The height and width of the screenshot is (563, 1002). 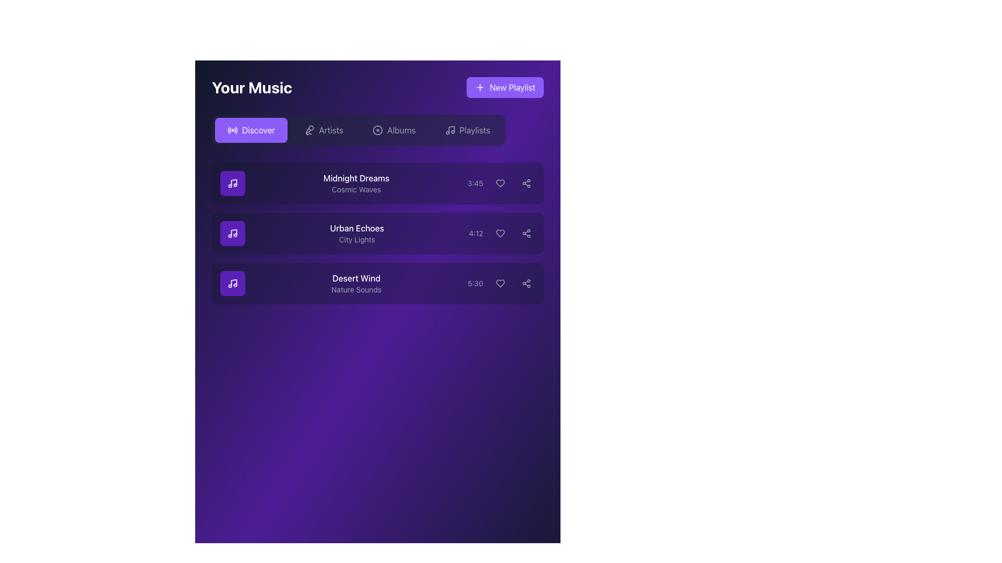 I want to click on the 'New Playlist' button located in the top-right corner of the interface, which has a violet background and a plus sign icon, to create a new playlist, so click(x=505, y=87).